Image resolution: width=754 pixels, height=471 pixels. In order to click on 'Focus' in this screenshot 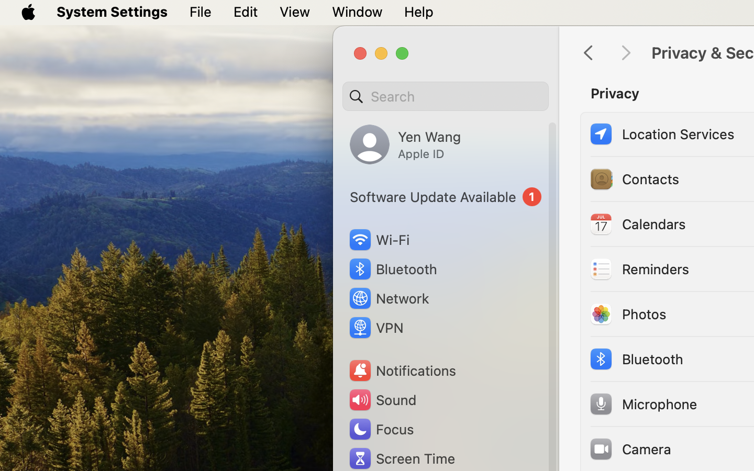, I will do `click(380, 429)`.